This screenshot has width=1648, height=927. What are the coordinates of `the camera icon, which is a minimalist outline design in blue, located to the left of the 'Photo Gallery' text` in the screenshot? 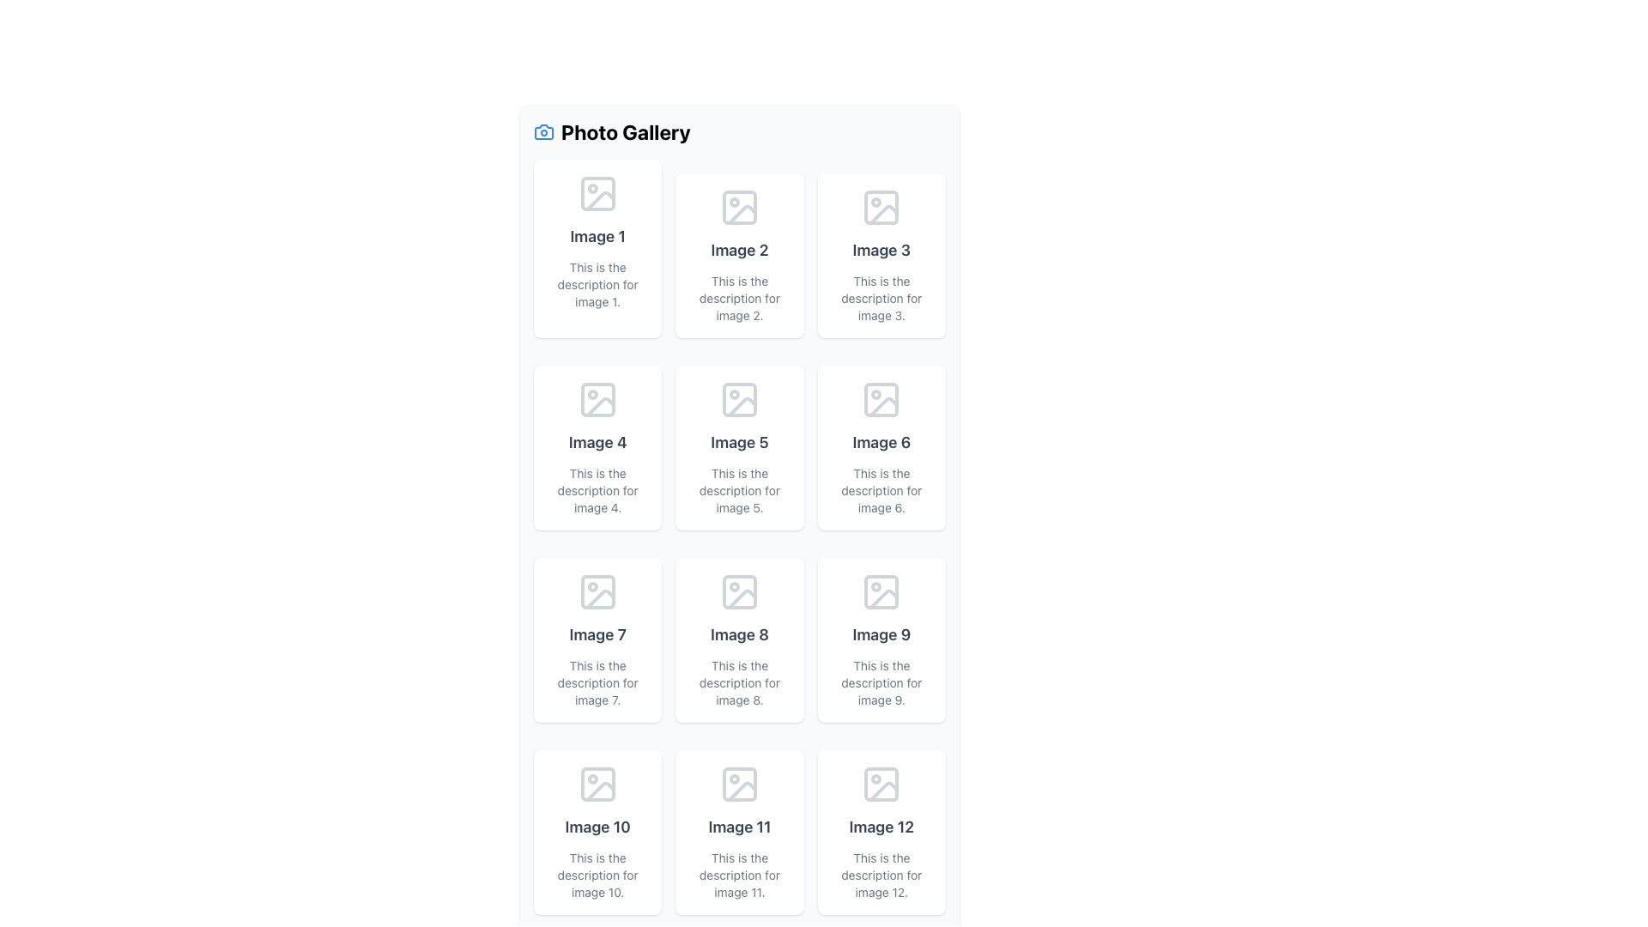 It's located at (542, 131).